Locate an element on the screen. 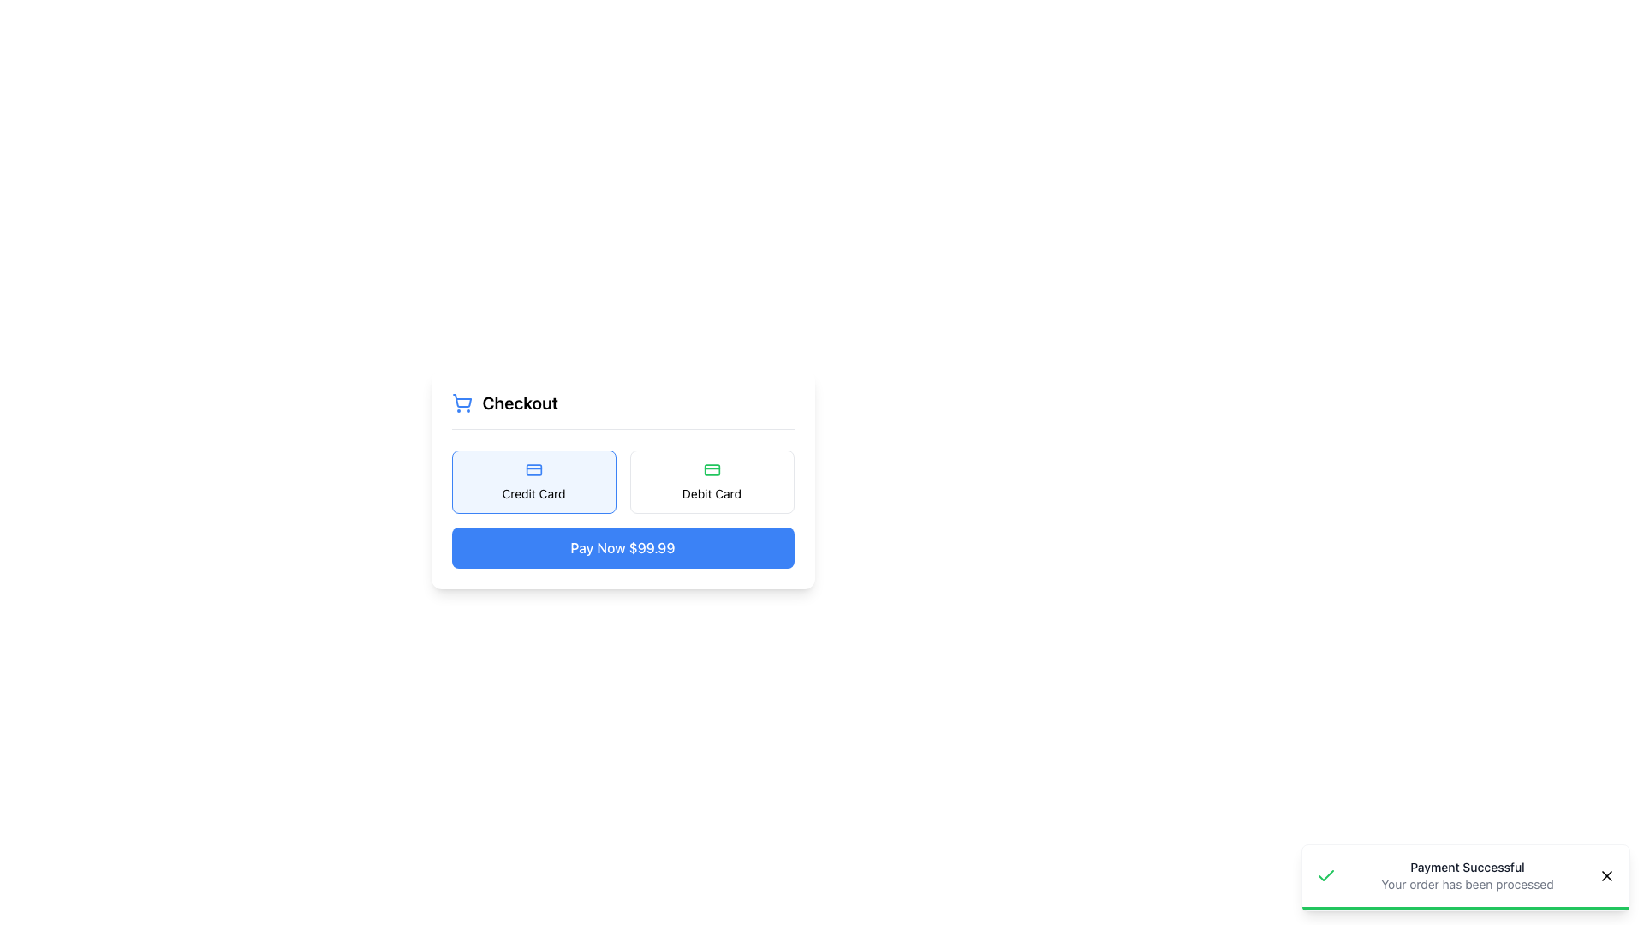 Image resolution: width=1644 pixels, height=925 pixels. the Success indicator icon located on the far-right notification panel, positioned to the left of the text 'Payment Successful' is located at coordinates (1325, 875).